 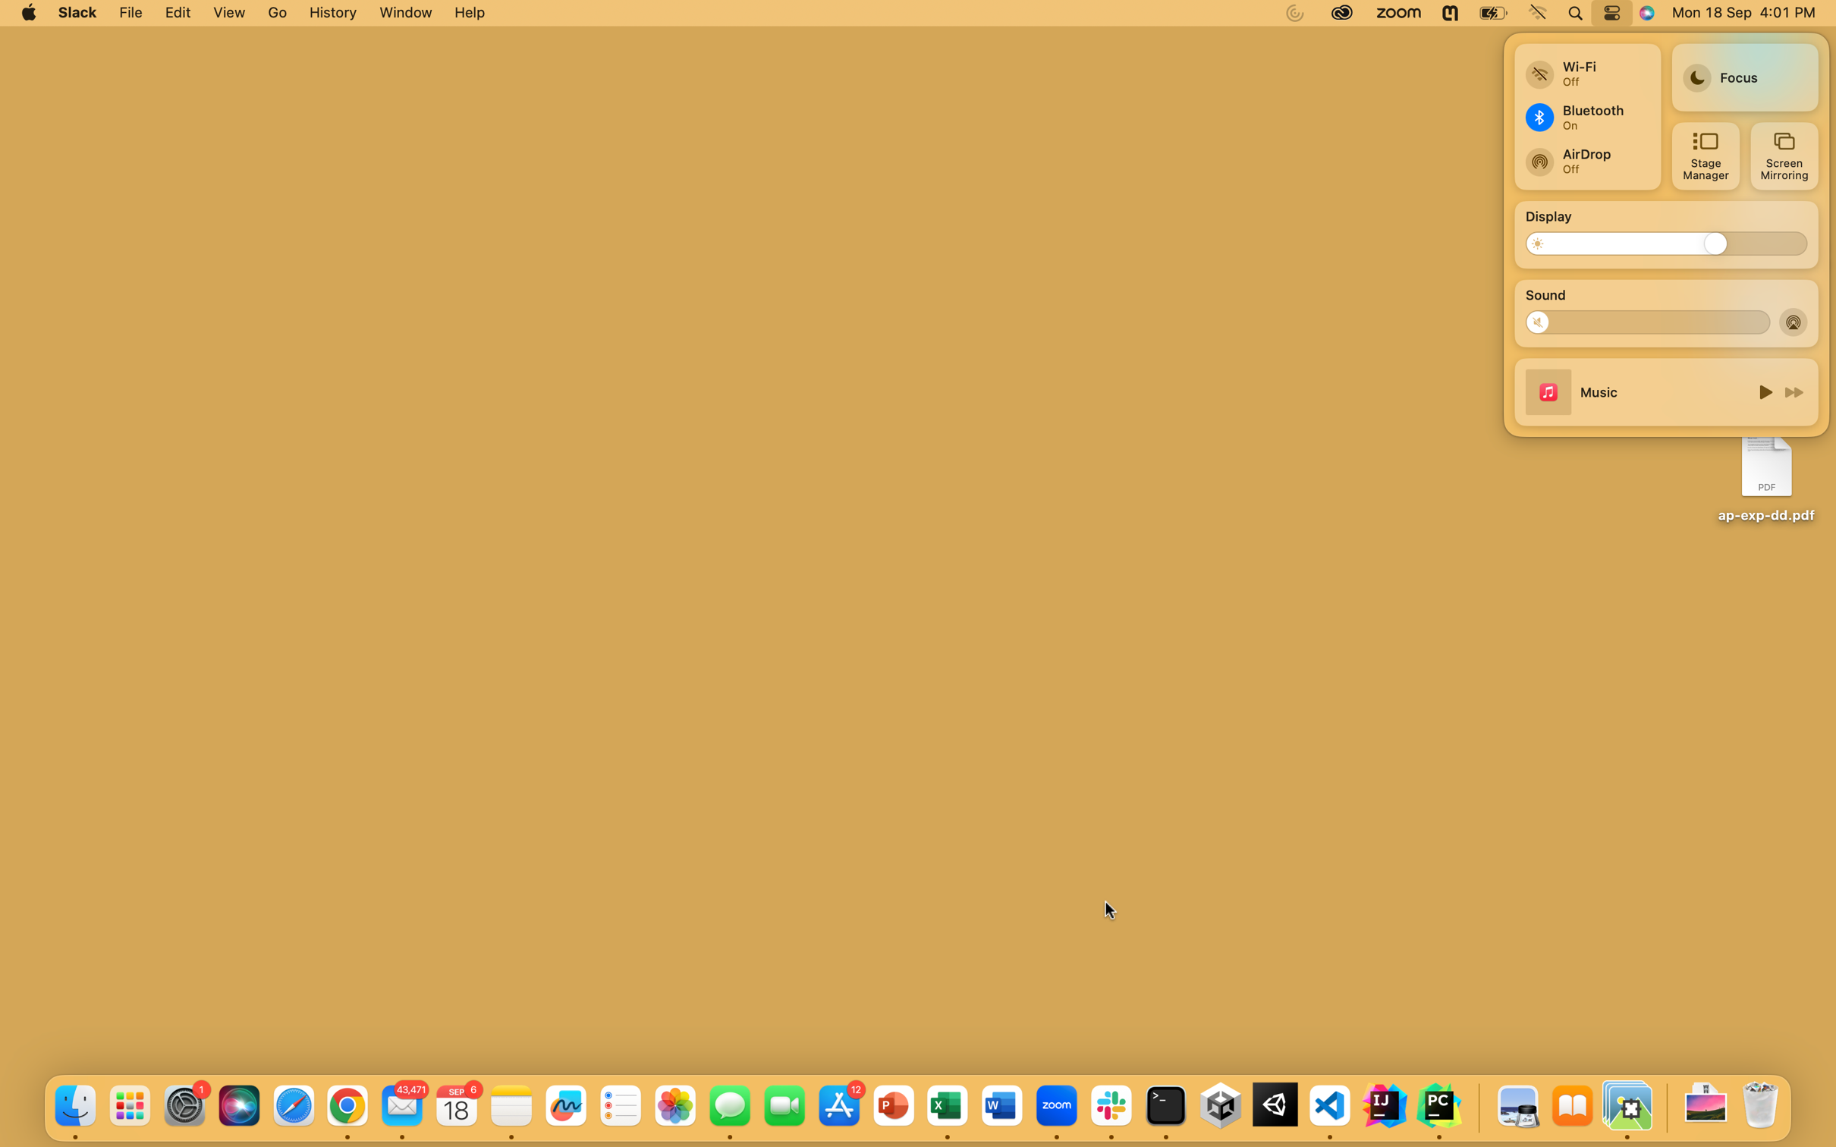 I want to click on Mute the volume, so click(x=1544, y=321).